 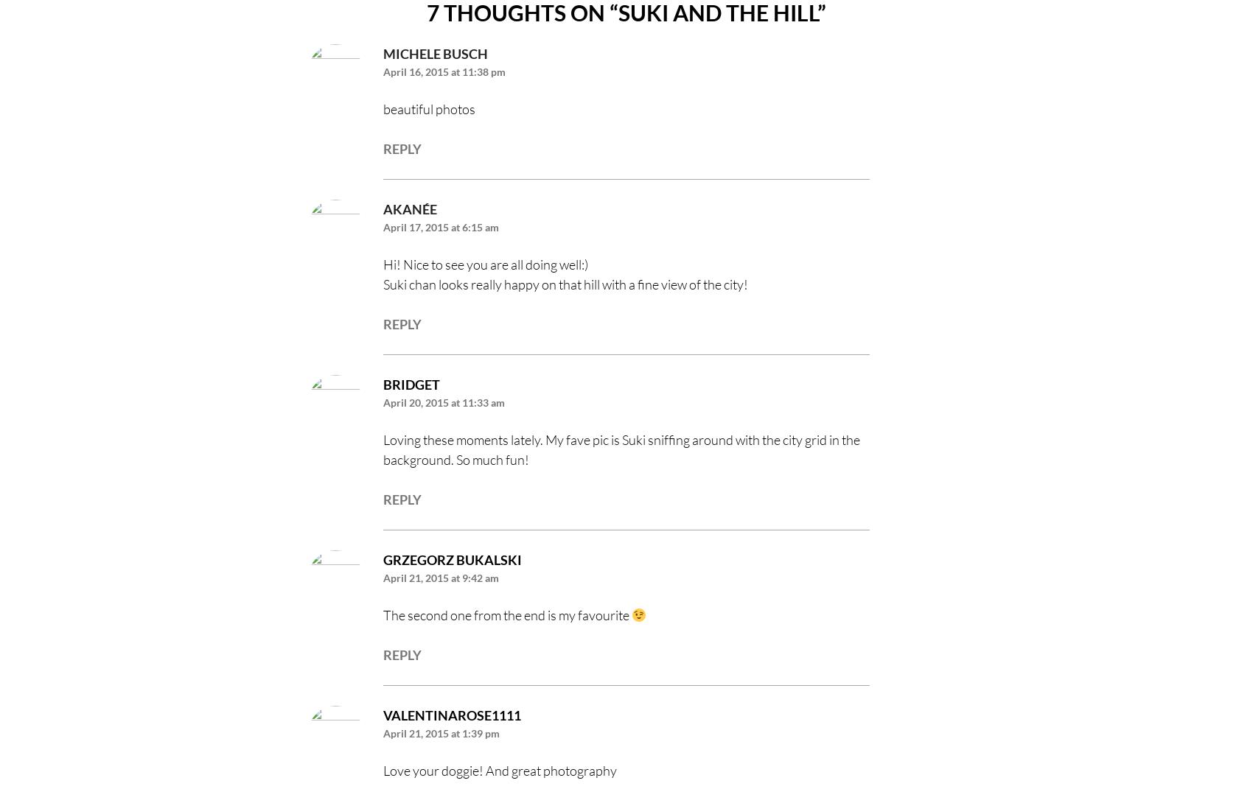 What do you see at coordinates (452, 559) in the screenshot?
I see `'Grzegorz Bukalski'` at bounding box center [452, 559].